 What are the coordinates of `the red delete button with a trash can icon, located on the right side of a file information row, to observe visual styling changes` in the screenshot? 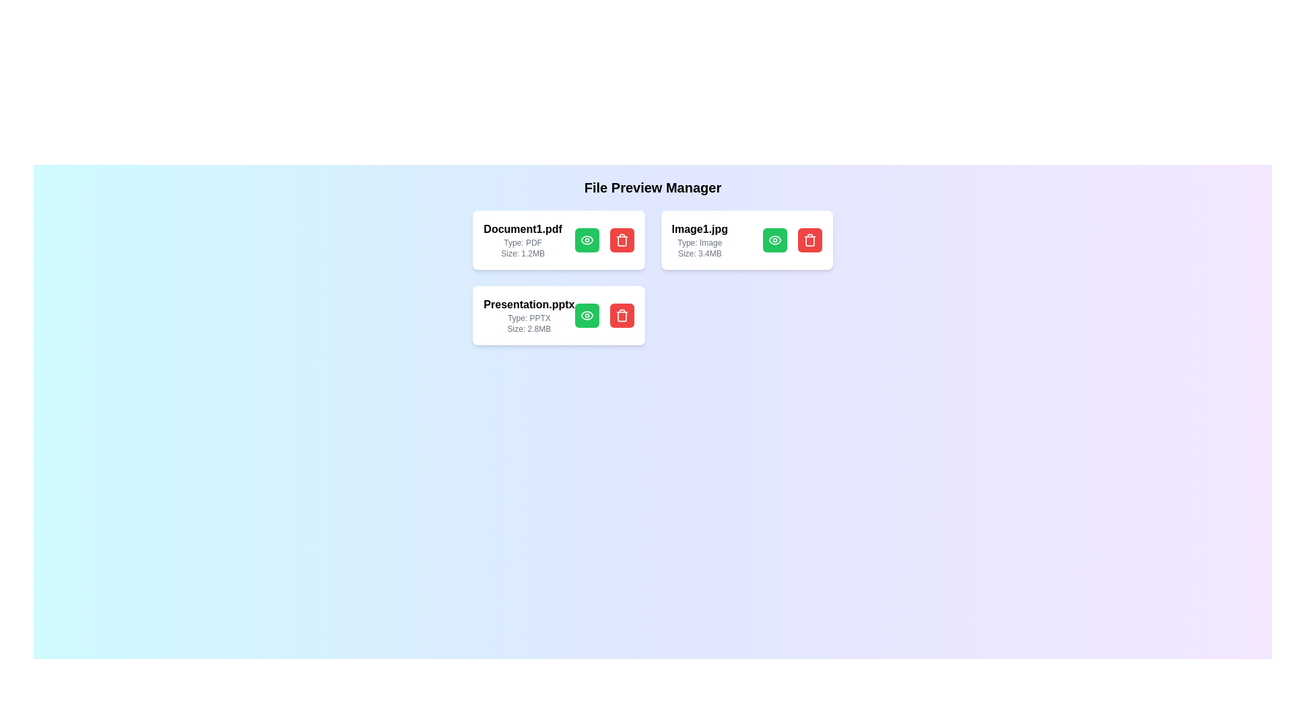 It's located at (621, 316).